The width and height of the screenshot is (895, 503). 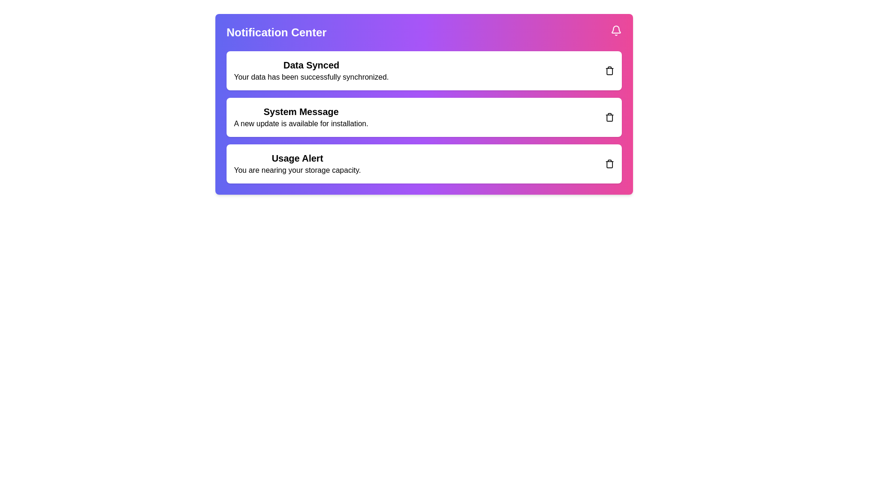 What do you see at coordinates (301, 123) in the screenshot?
I see `the supplementary information Static Text located below the 'System Message' heading in the notification card within the 'Notification Center' panel` at bounding box center [301, 123].